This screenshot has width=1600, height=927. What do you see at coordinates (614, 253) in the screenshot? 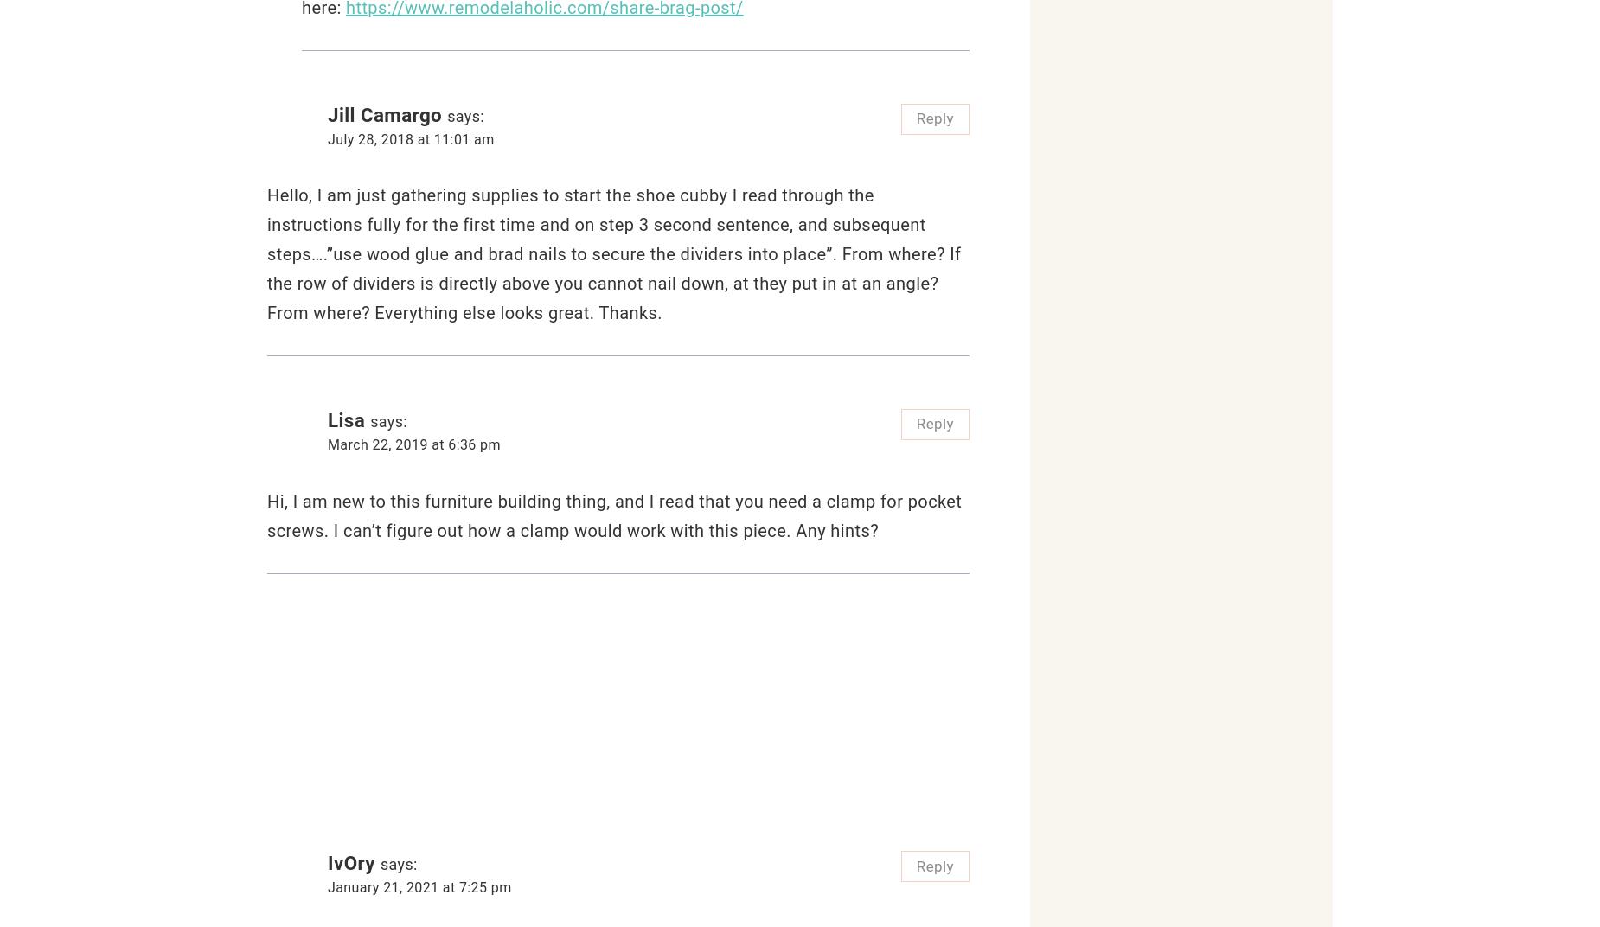
I see `'Hello, I am just gathering supplies to start the shoe cubby I read through the instructions fully for the first time and on step 3 second sentence, and subsequent steps….”use wood glue and brad nails to secure the dividers into place”. From where? If the row of dividers is directly above you cannot nail down, at they put in at an angle? From where? Everything else looks great. Thanks.'` at bounding box center [614, 253].